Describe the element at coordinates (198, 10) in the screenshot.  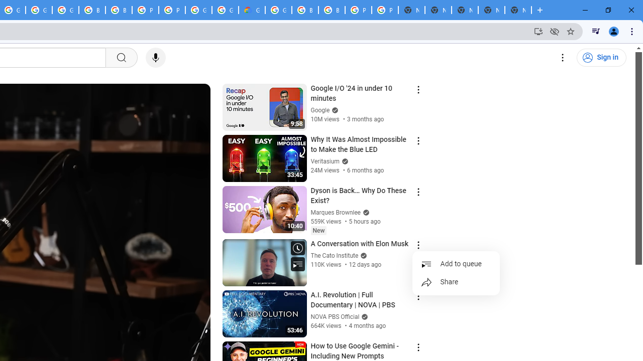
I see `'Google Cloud Platform'` at that location.